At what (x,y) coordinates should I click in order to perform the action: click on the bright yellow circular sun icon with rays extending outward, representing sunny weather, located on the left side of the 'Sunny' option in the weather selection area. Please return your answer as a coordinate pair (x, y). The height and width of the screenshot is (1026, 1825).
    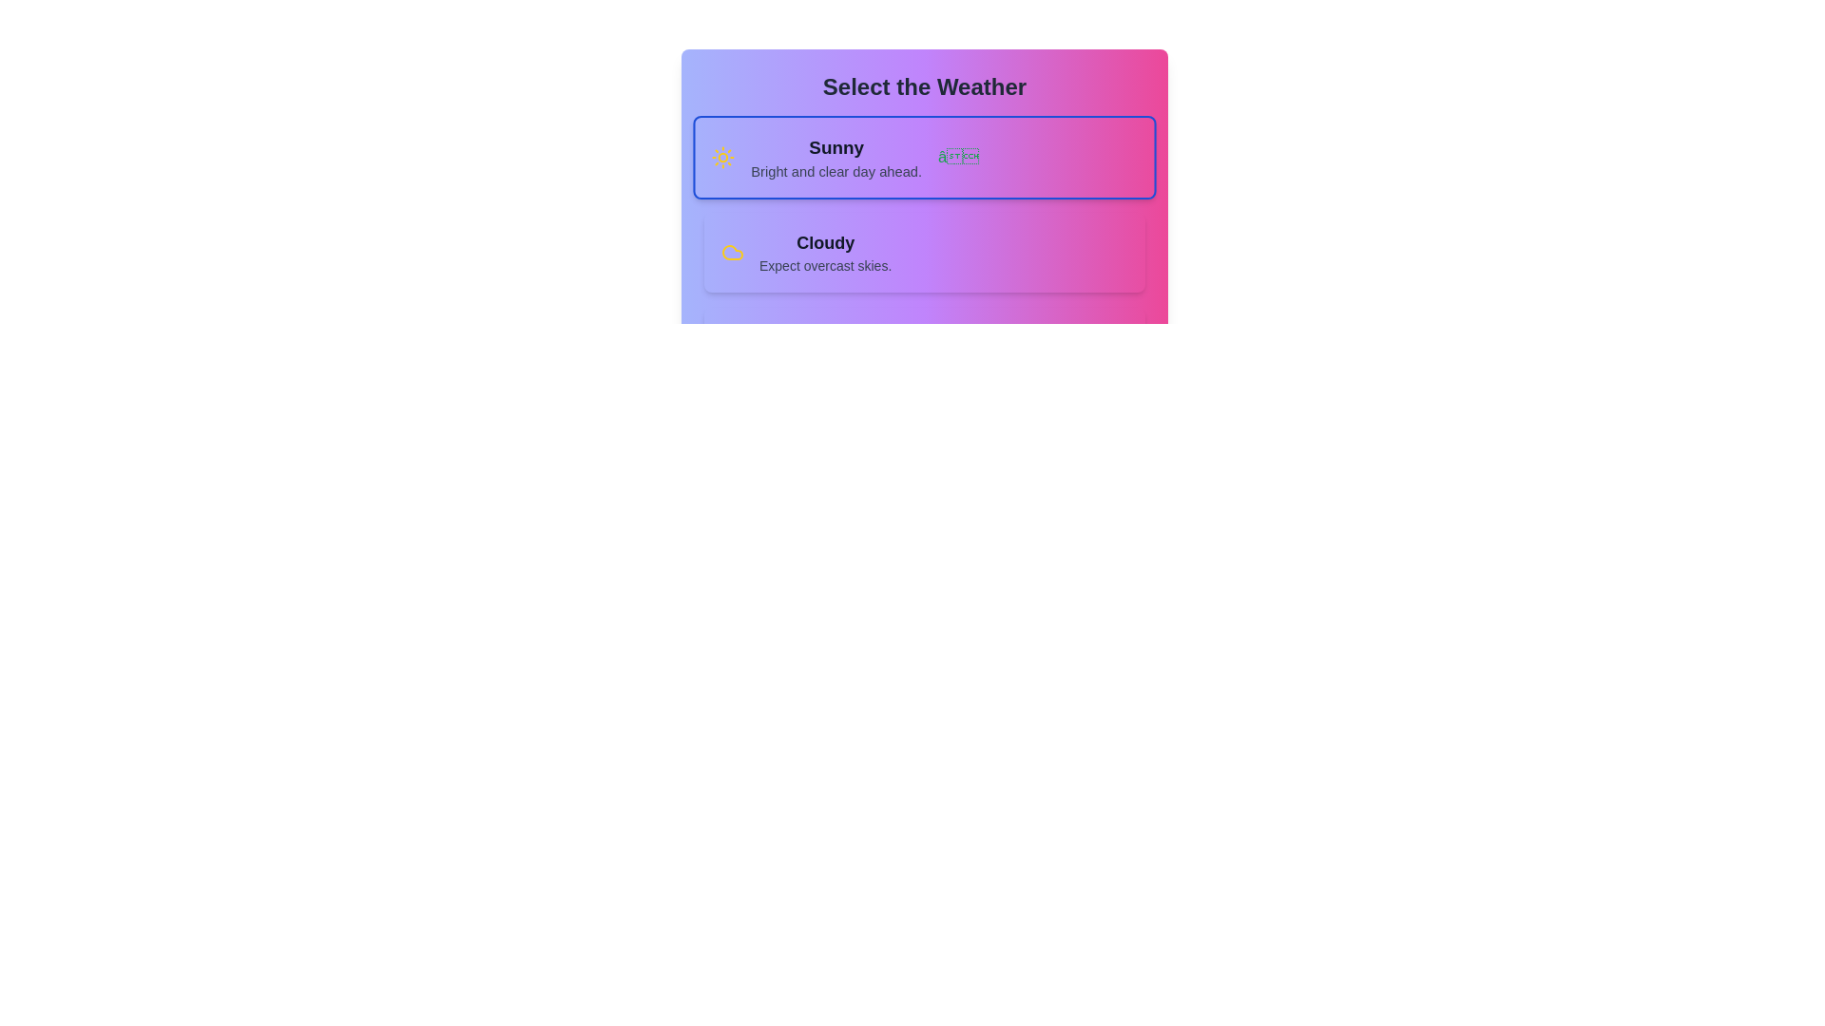
    Looking at the image, I should click on (721, 156).